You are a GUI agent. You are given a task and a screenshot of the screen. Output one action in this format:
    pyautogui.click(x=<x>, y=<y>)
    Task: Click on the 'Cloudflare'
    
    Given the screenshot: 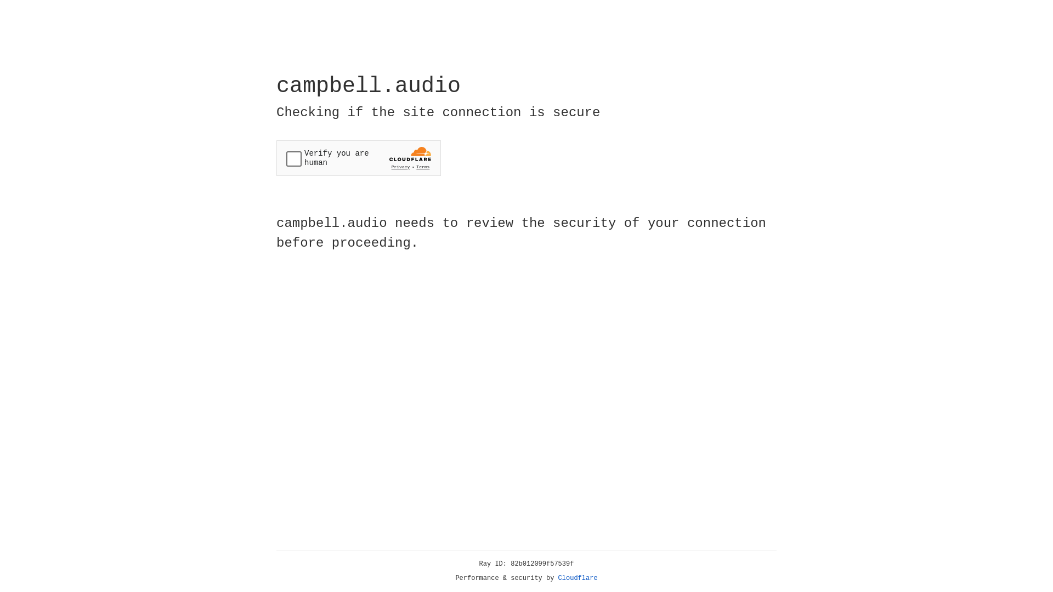 What is the action you would take?
    pyautogui.click(x=558, y=578)
    